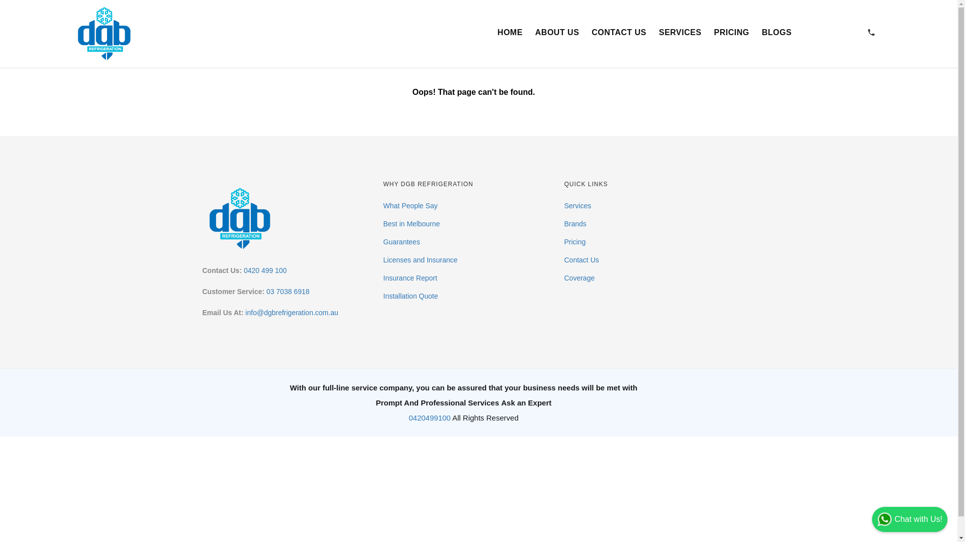 This screenshot has height=542, width=965. Describe the element at coordinates (245, 312) in the screenshot. I see `'info@dgbrefrigeration.com.au'` at that location.